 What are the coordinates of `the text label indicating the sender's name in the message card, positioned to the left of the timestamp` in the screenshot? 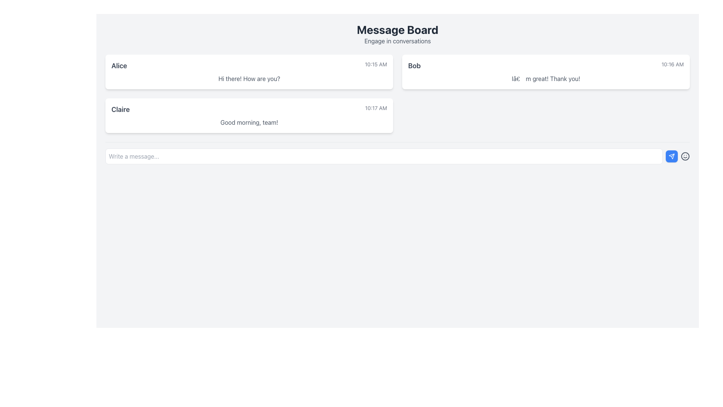 It's located at (414, 65).